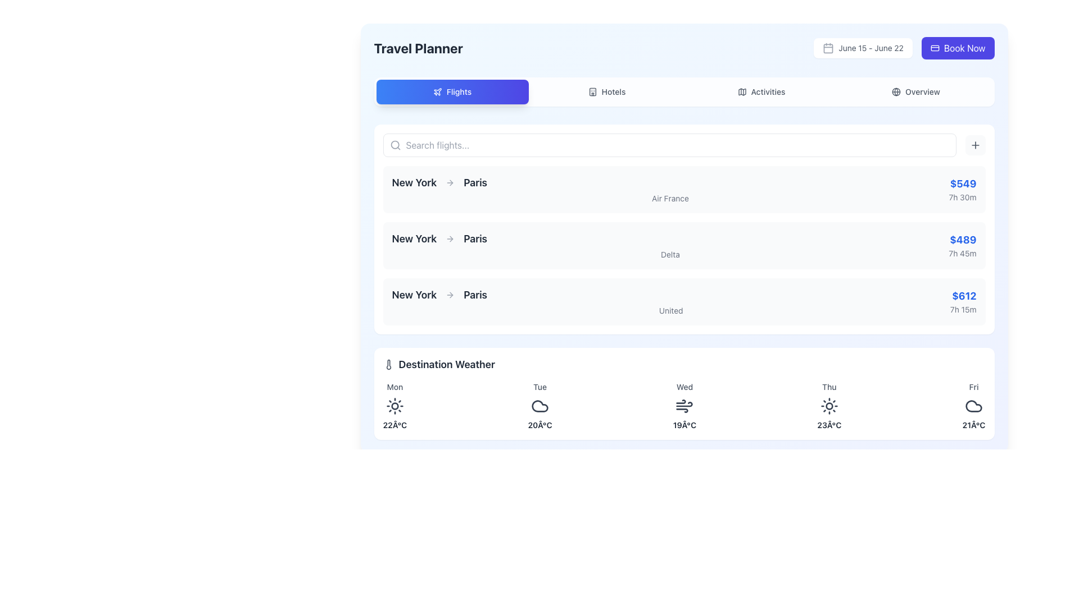 The width and height of the screenshot is (1079, 606). I want to click on the sun icon, so click(395, 406).